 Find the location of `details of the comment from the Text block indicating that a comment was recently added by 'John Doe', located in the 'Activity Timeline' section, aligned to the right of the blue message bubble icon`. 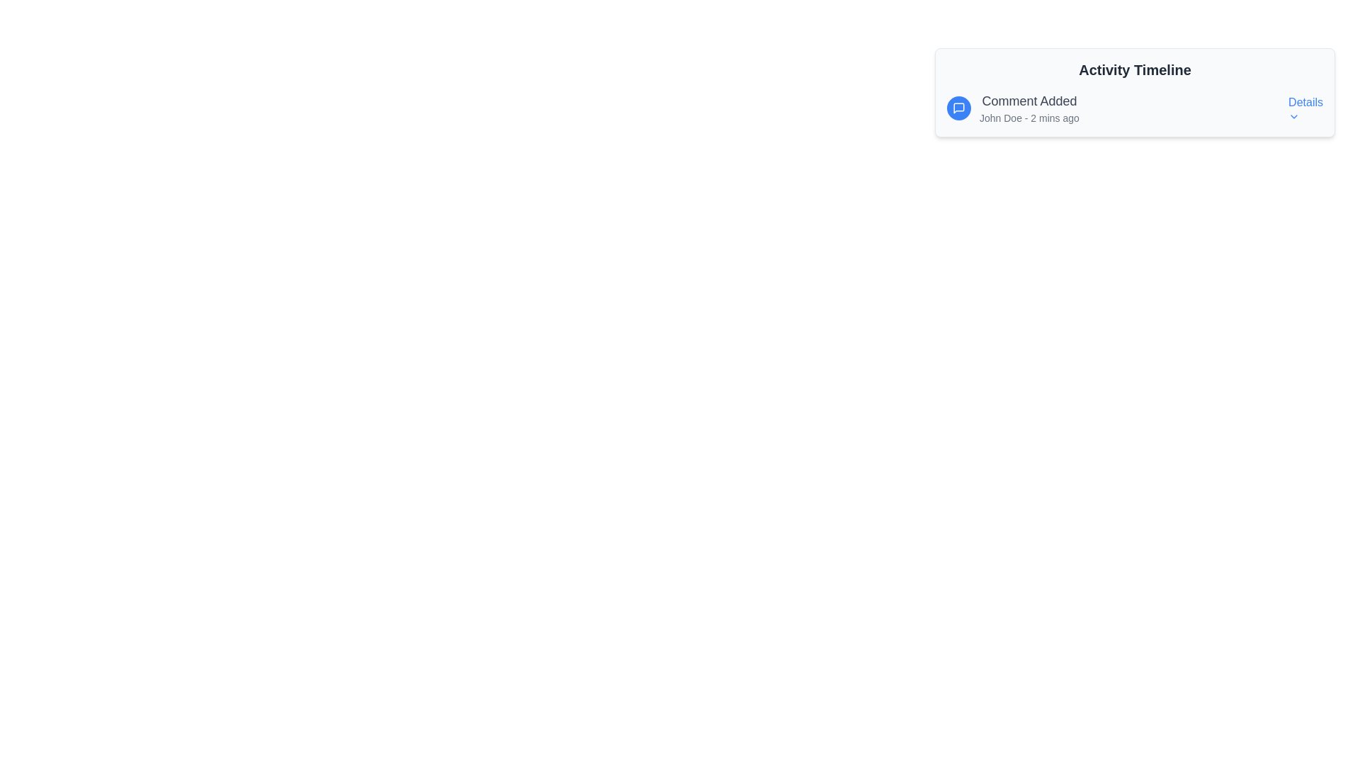

details of the comment from the Text block indicating that a comment was recently added by 'John Doe', located in the 'Activity Timeline' section, aligned to the right of the blue message bubble icon is located at coordinates (1029, 108).